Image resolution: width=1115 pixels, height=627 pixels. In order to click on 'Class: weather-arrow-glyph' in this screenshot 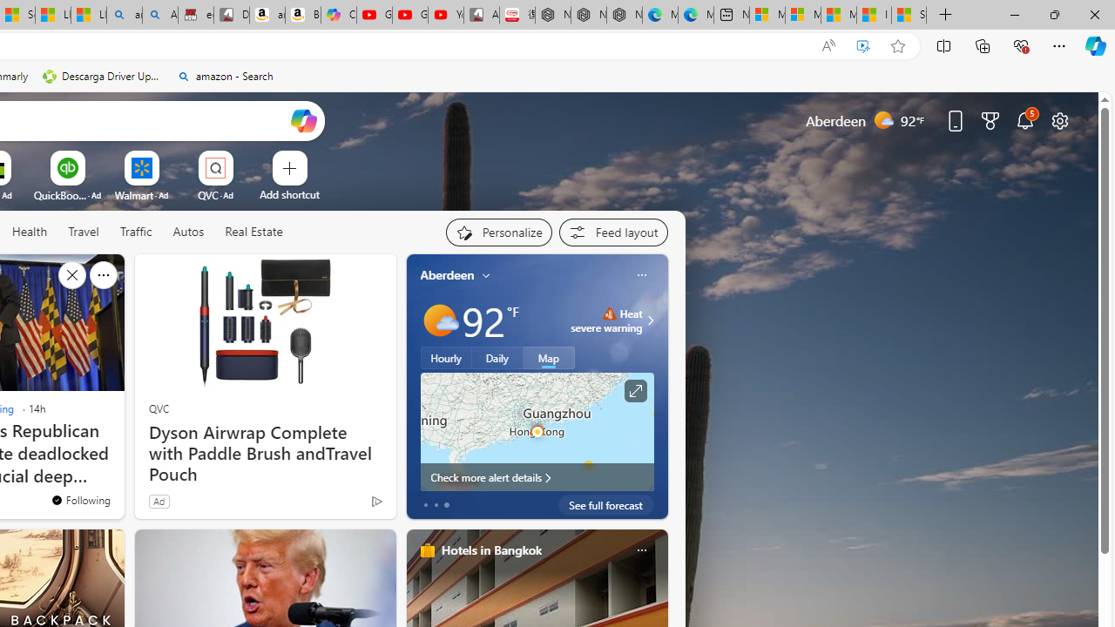, I will do `click(649, 320)`.